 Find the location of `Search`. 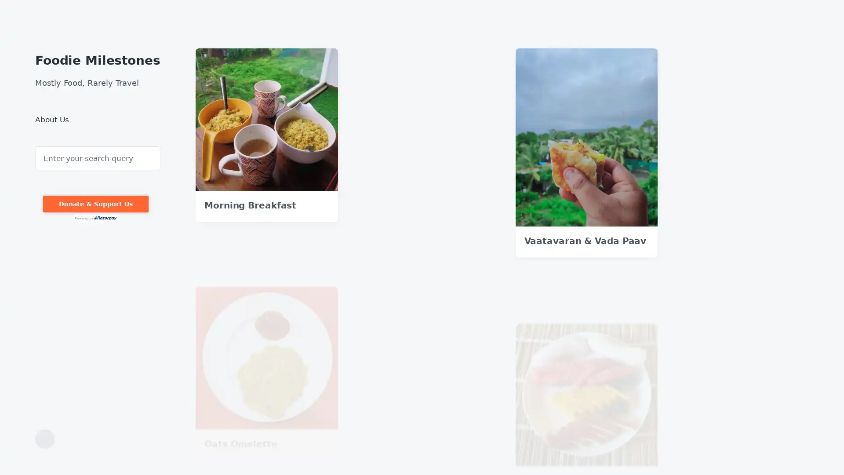

Search is located at coordinates (35, 146).